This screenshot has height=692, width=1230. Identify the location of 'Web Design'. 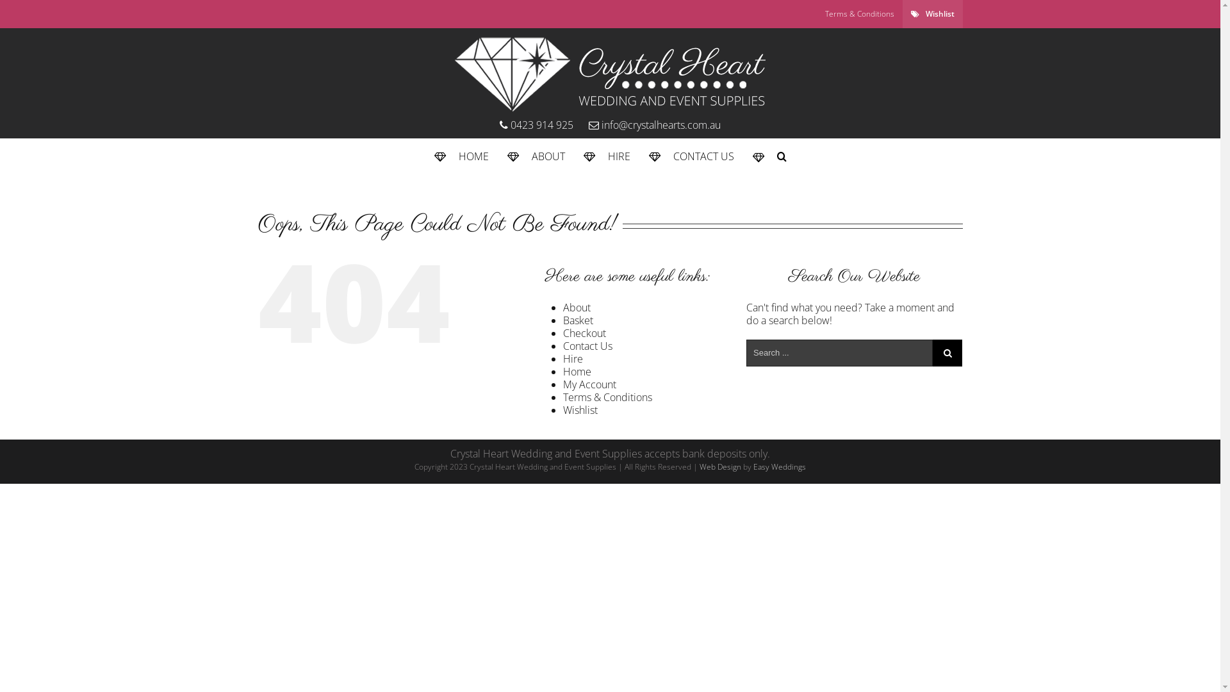
(720, 466).